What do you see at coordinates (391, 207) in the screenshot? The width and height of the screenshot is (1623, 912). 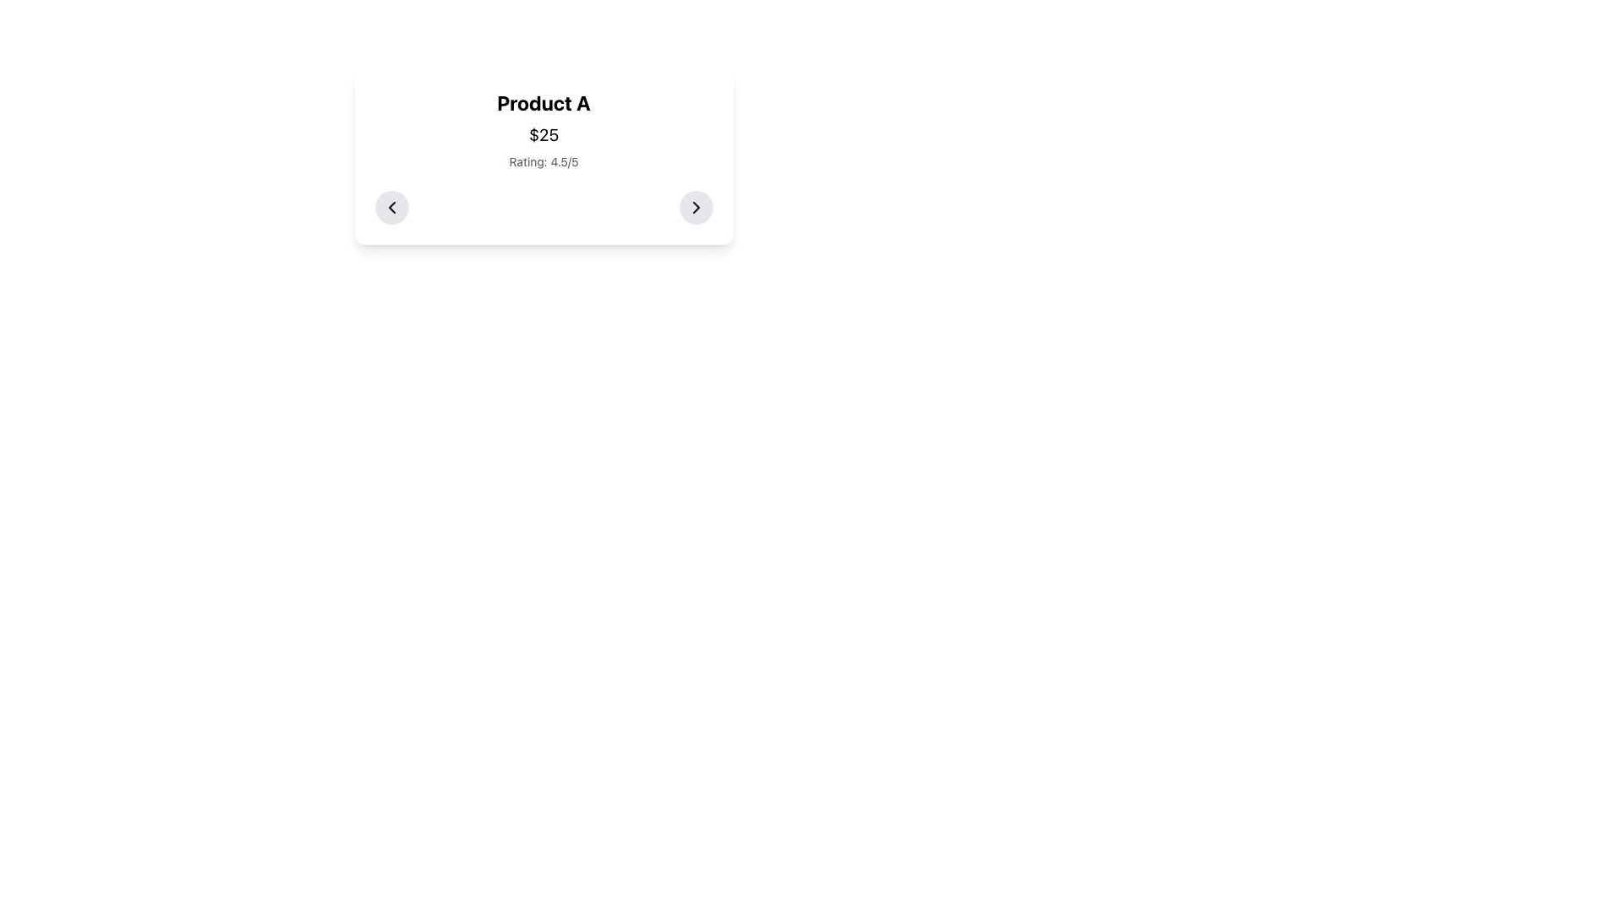 I see `the left-pointing chevron arrow icon inside the circular button with a light gray background` at bounding box center [391, 207].